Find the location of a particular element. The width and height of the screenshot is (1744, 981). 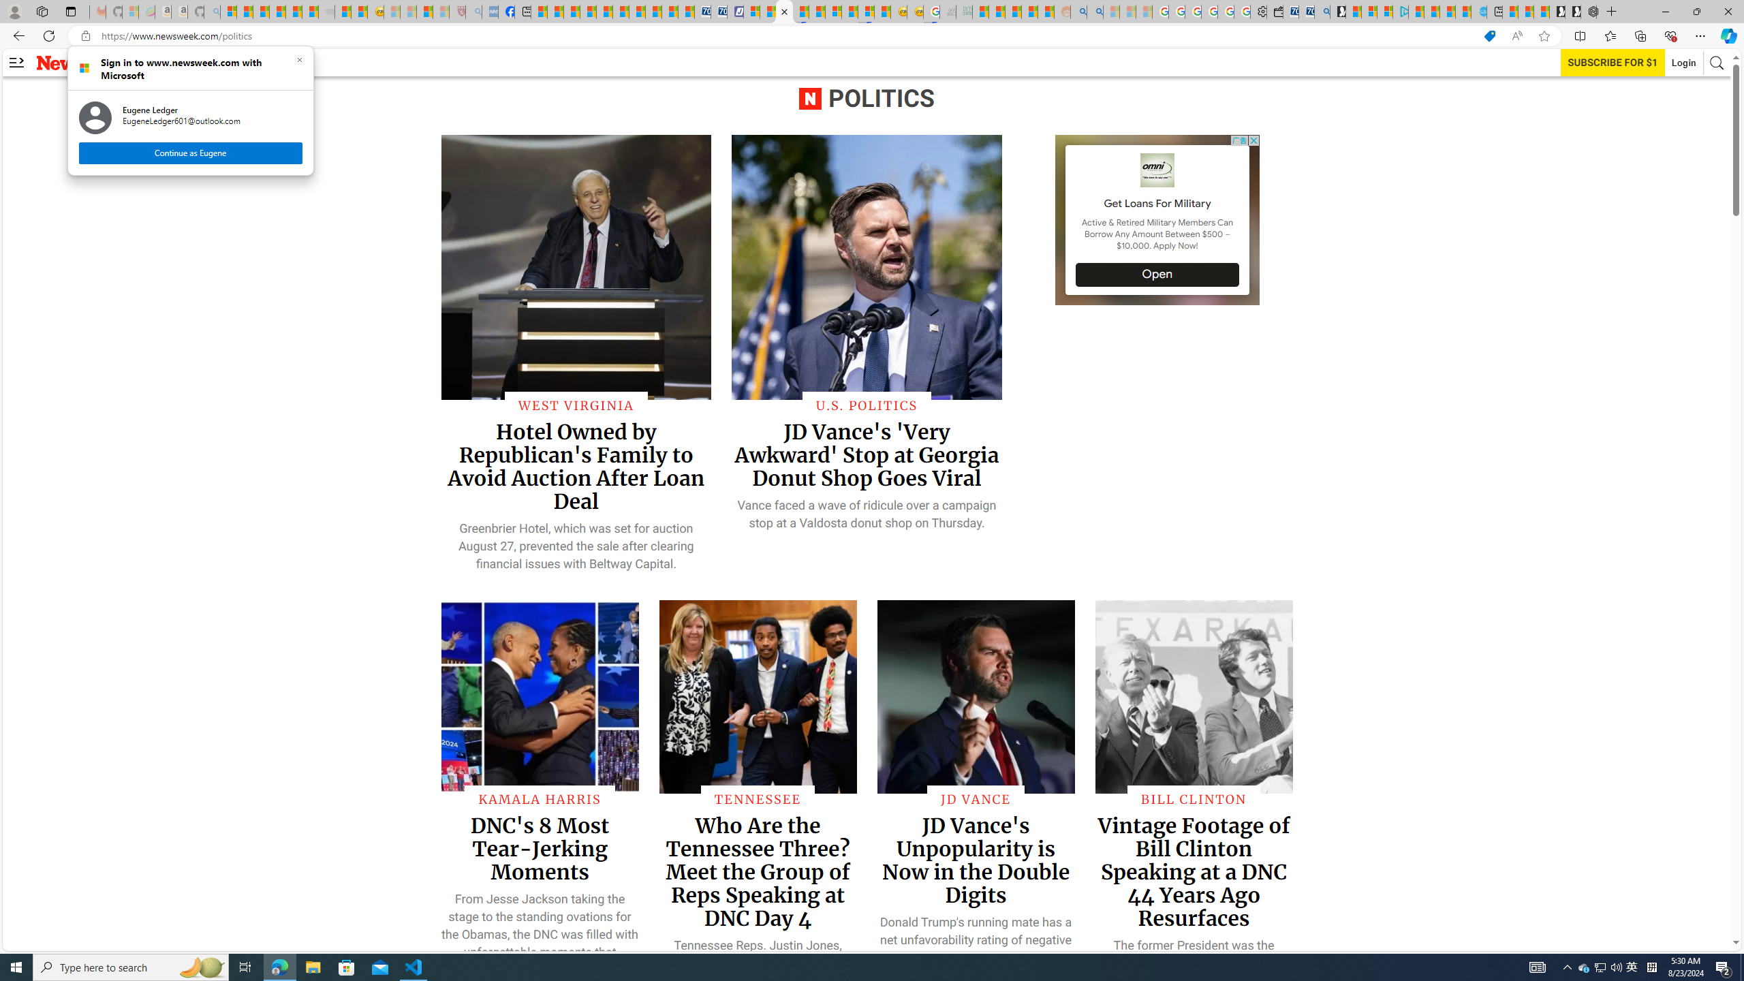

'Q2790: 100%' is located at coordinates (1616, 966).